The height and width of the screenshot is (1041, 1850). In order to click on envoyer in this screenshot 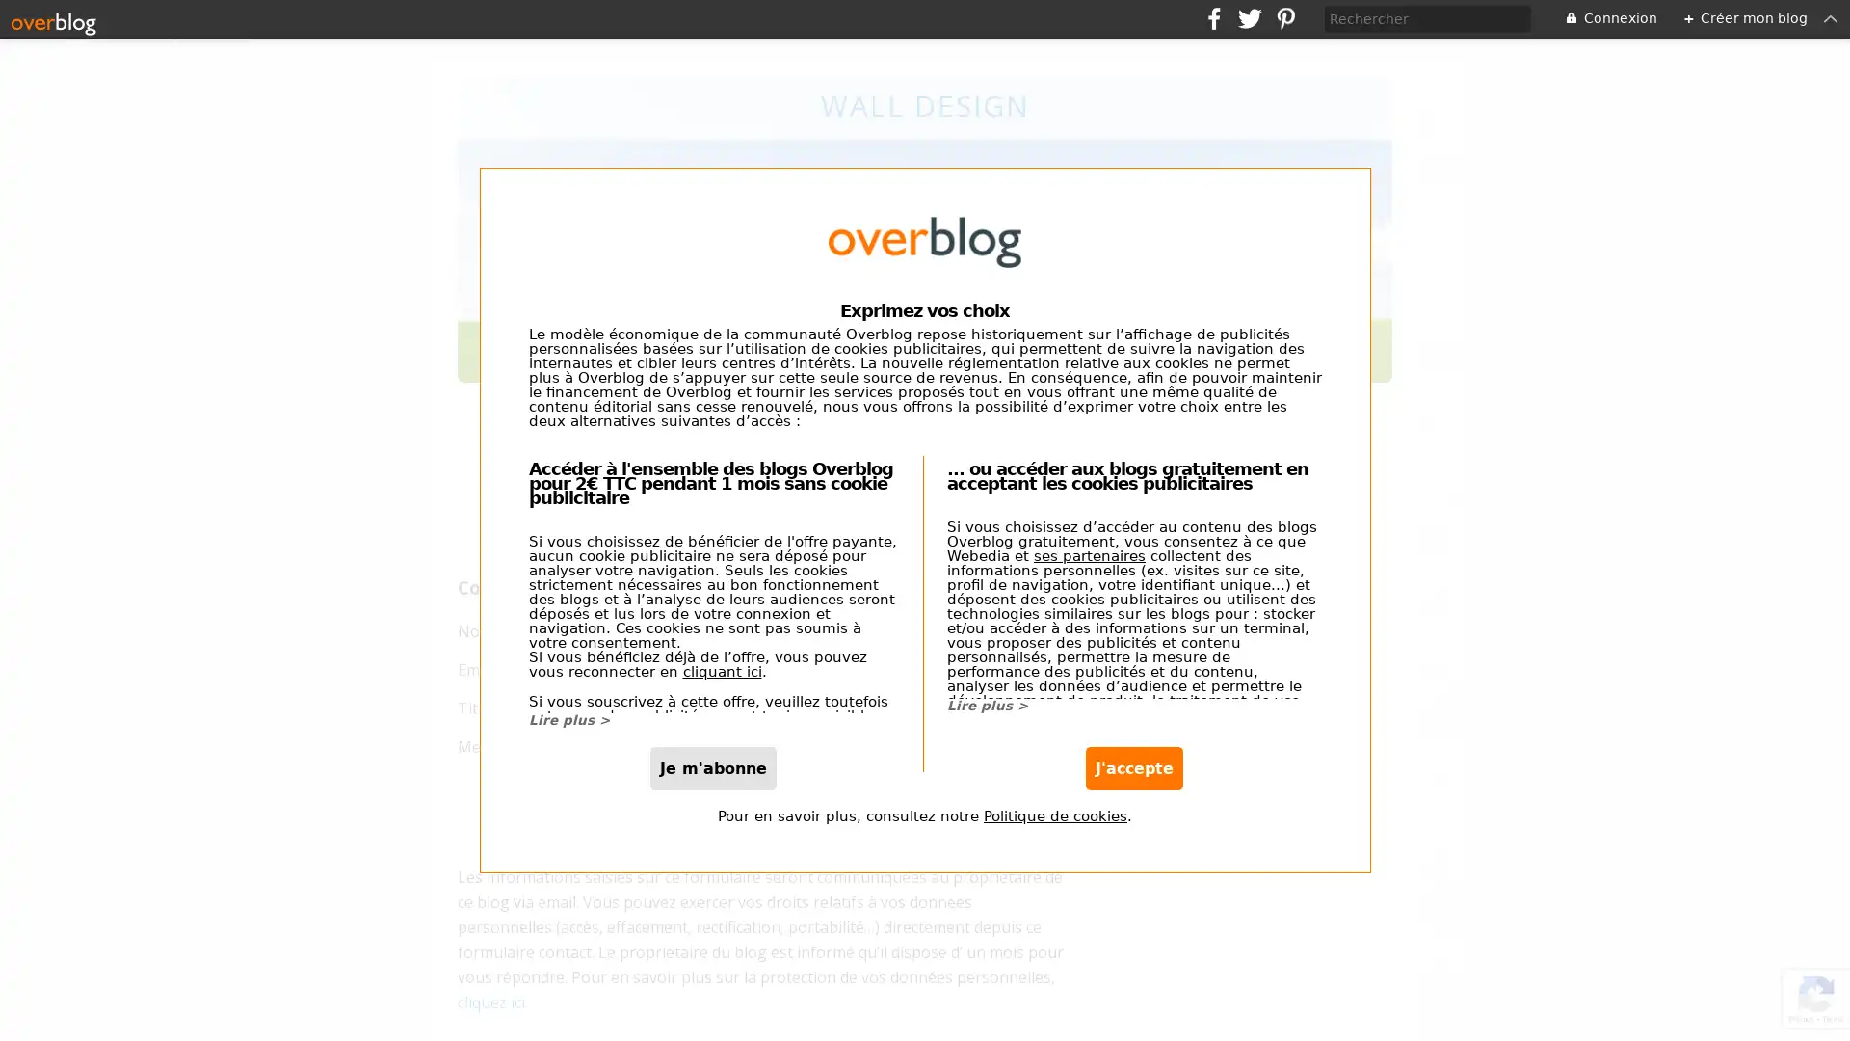, I will do `click(674, 831)`.